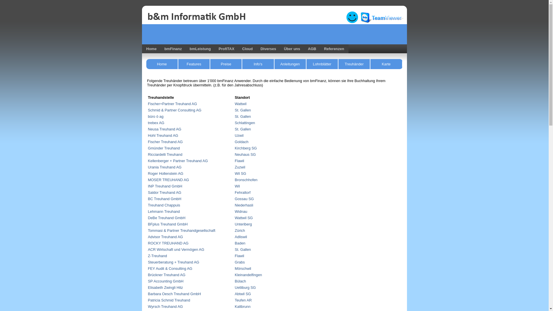 This screenshot has width=553, height=311. What do you see at coordinates (247, 48) in the screenshot?
I see `'Cloud'` at bounding box center [247, 48].